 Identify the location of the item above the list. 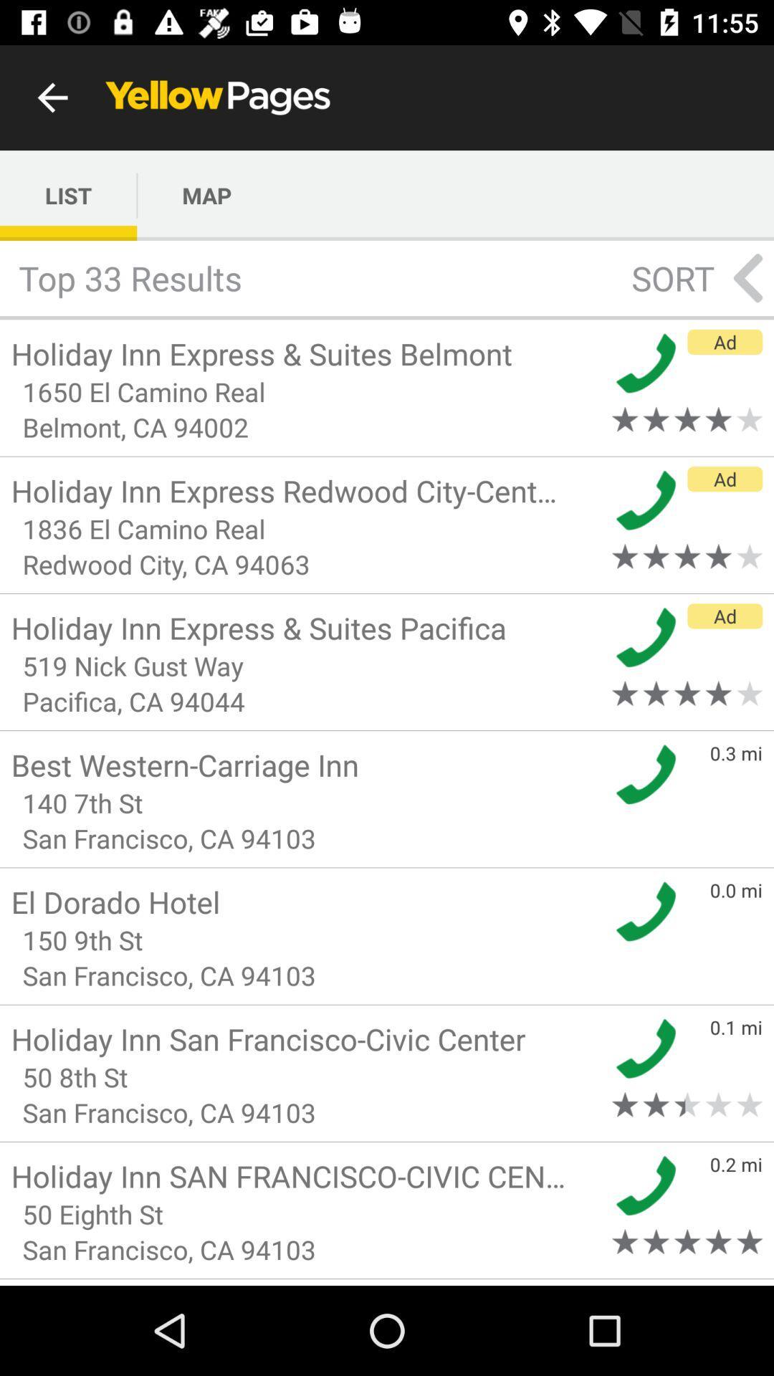
(52, 97).